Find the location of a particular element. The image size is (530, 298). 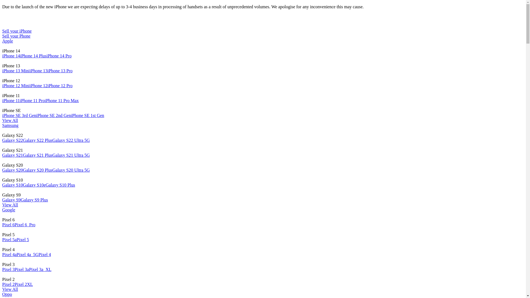

'iPhone 14 Plus' is located at coordinates (20, 56).